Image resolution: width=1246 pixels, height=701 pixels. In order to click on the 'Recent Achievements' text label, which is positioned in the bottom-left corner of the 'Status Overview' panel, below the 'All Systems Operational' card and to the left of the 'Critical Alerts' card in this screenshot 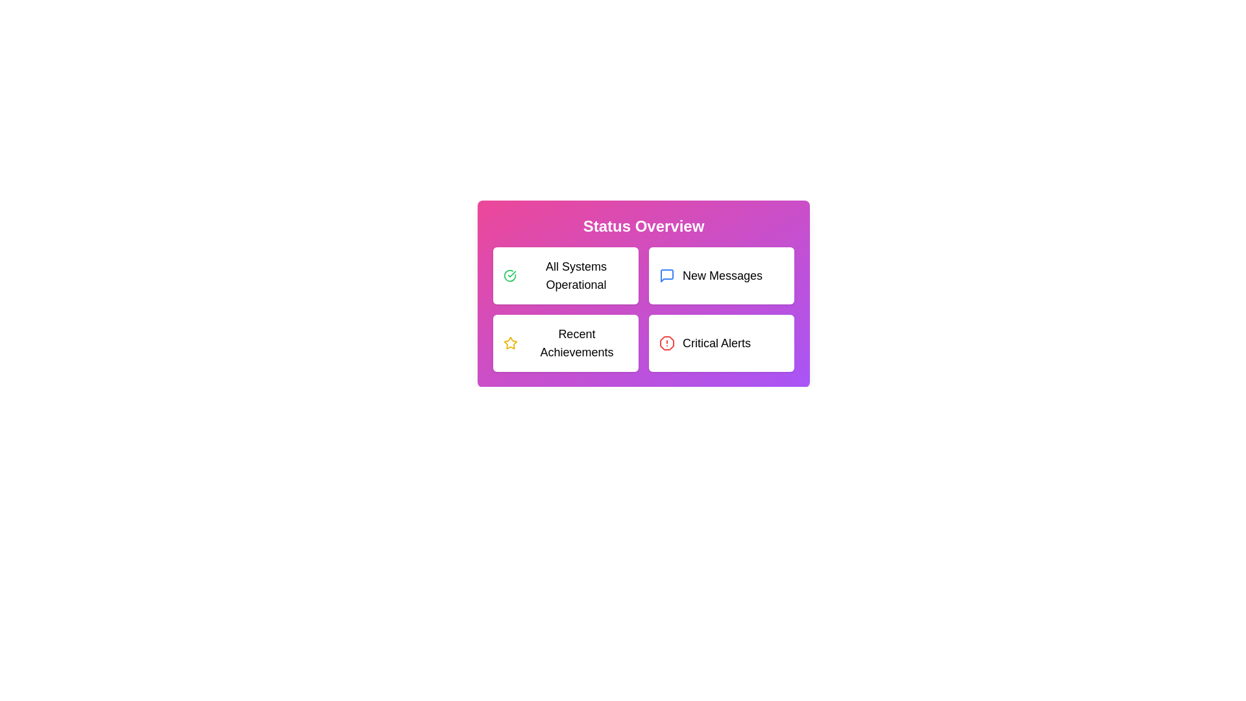, I will do `click(576, 342)`.